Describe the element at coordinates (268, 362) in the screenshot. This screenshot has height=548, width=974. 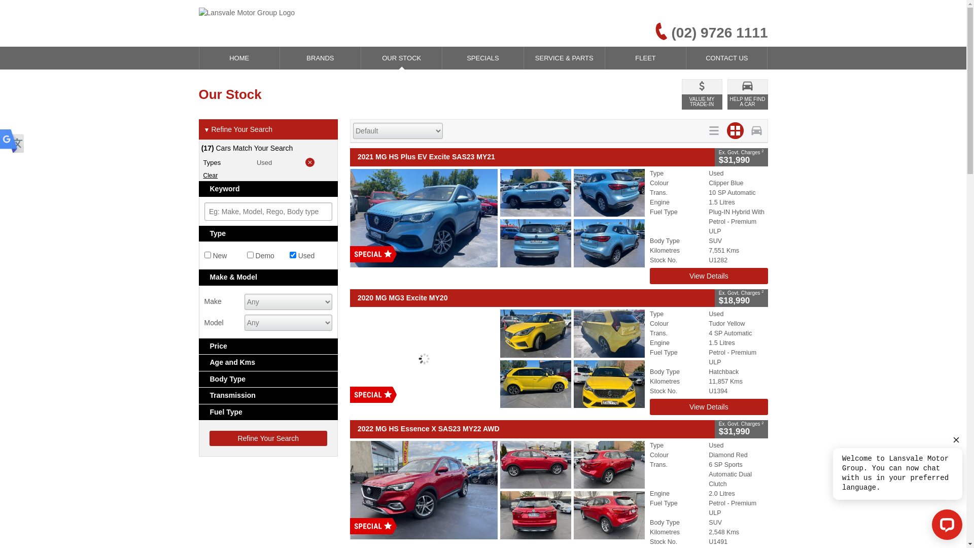
I see `'Age and Kms'` at that location.